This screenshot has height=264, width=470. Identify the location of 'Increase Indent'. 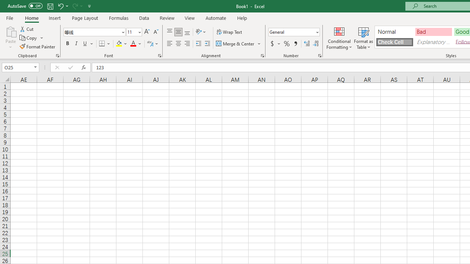
(207, 44).